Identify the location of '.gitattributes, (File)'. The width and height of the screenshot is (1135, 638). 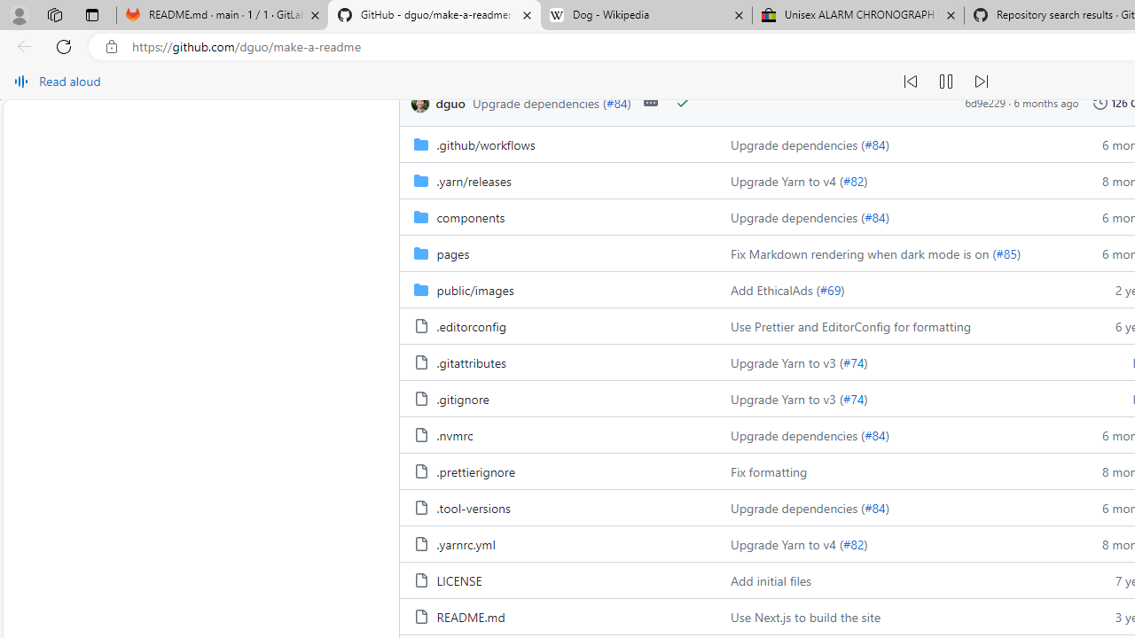
(471, 361).